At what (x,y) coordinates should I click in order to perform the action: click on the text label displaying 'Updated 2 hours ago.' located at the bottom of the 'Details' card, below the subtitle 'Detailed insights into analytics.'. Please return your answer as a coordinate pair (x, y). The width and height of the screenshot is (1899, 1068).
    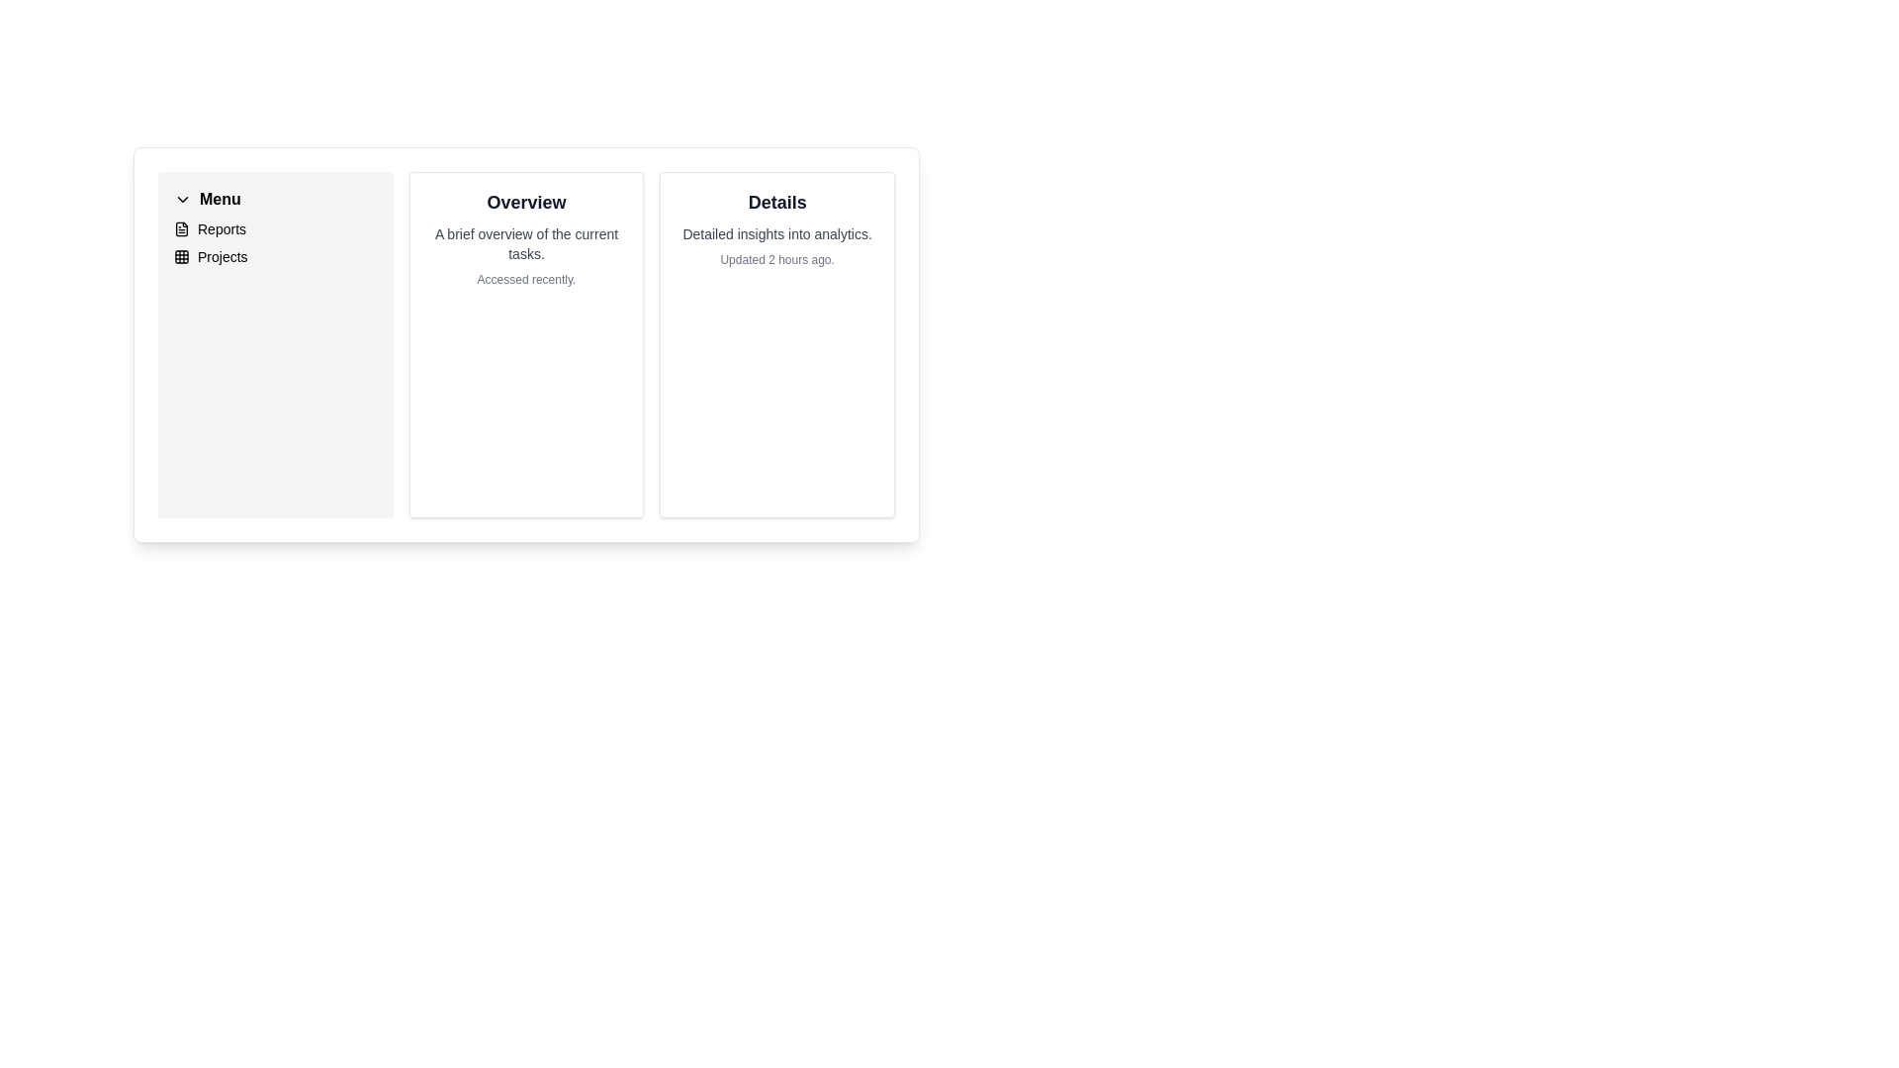
    Looking at the image, I should click on (776, 258).